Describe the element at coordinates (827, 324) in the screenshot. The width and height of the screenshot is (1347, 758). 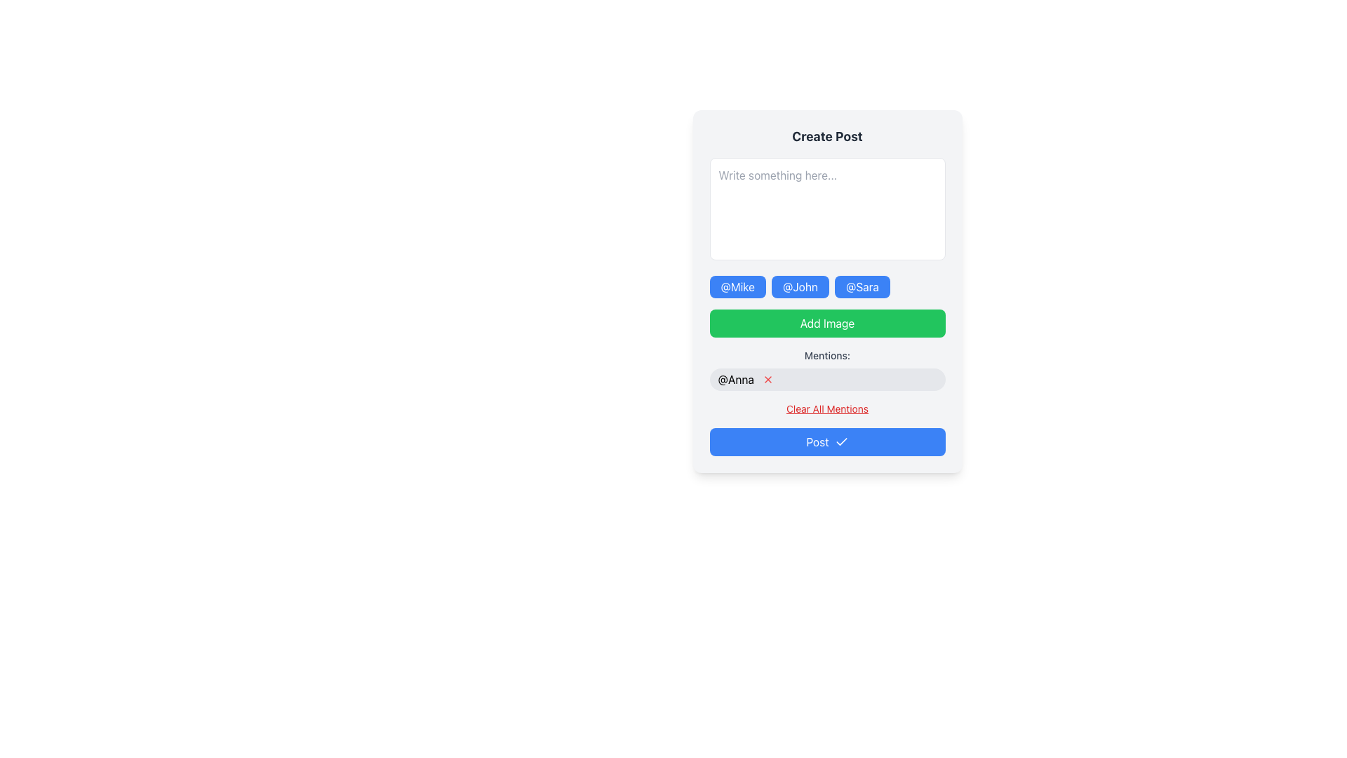
I see `the rectangular green button with rounded corners that reads 'Add Image'` at that location.